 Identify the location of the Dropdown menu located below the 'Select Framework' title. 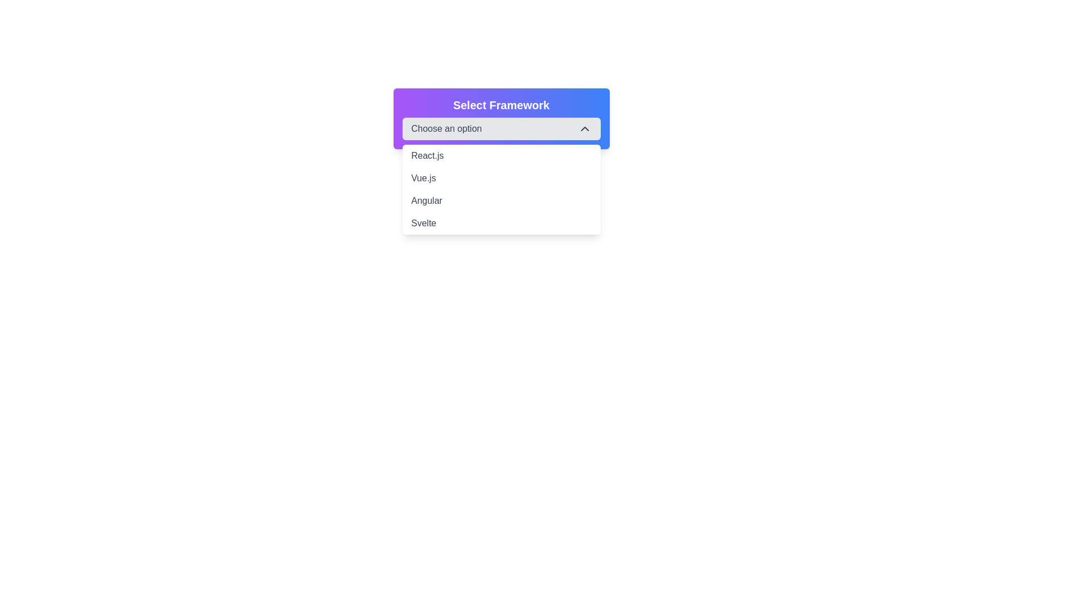
(501, 128).